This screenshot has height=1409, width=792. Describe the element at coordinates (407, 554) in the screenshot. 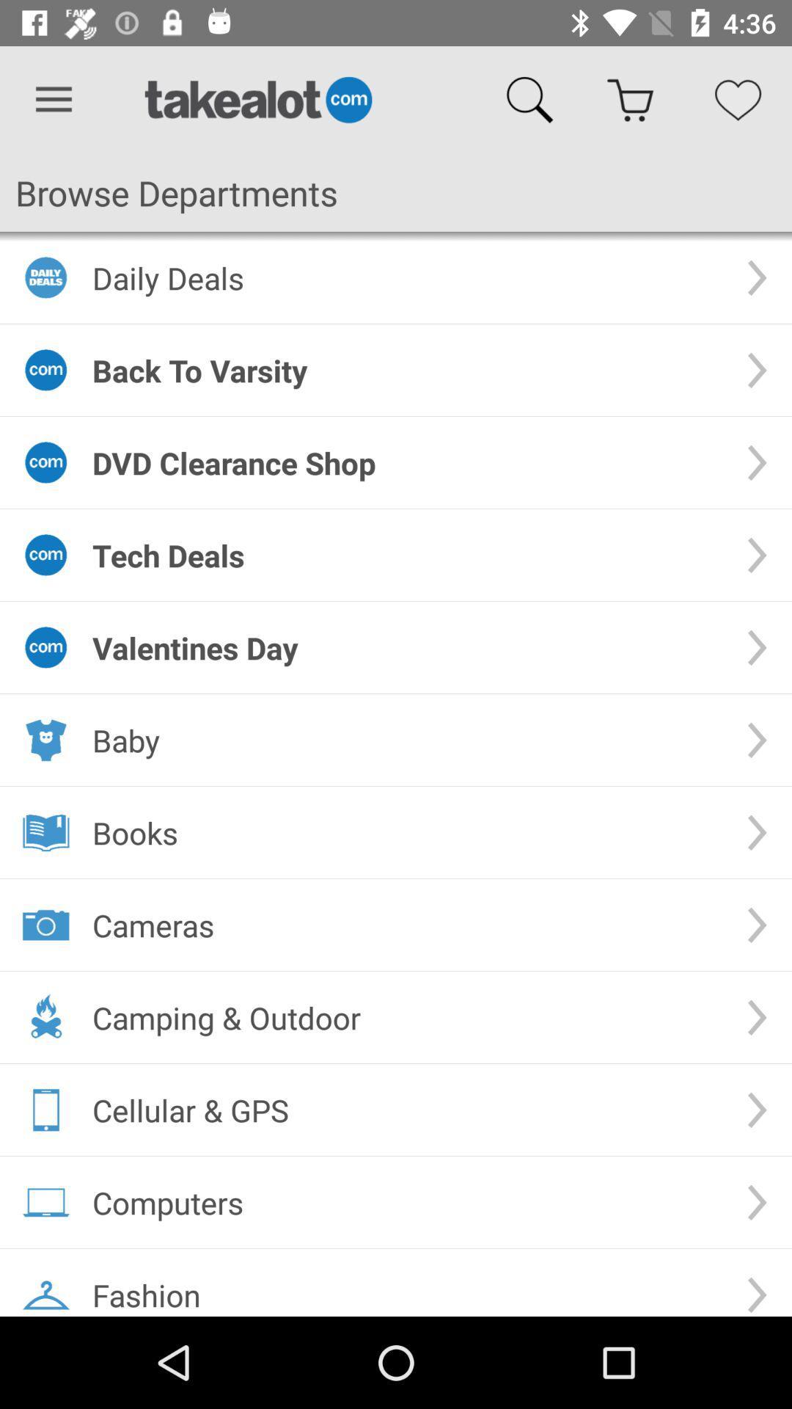

I see `the tech deals item` at that location.